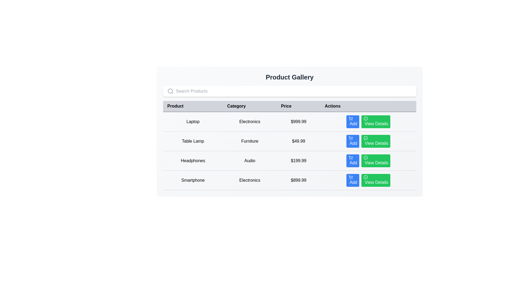 This screenshot has width=514, height=289. Describe the element at coordinates (351, 177) in the screenshot. I see `the shopping cart icon in the 'Add' button located in the 'Actions' column of the table for the 'Smartphone' product` at that location.